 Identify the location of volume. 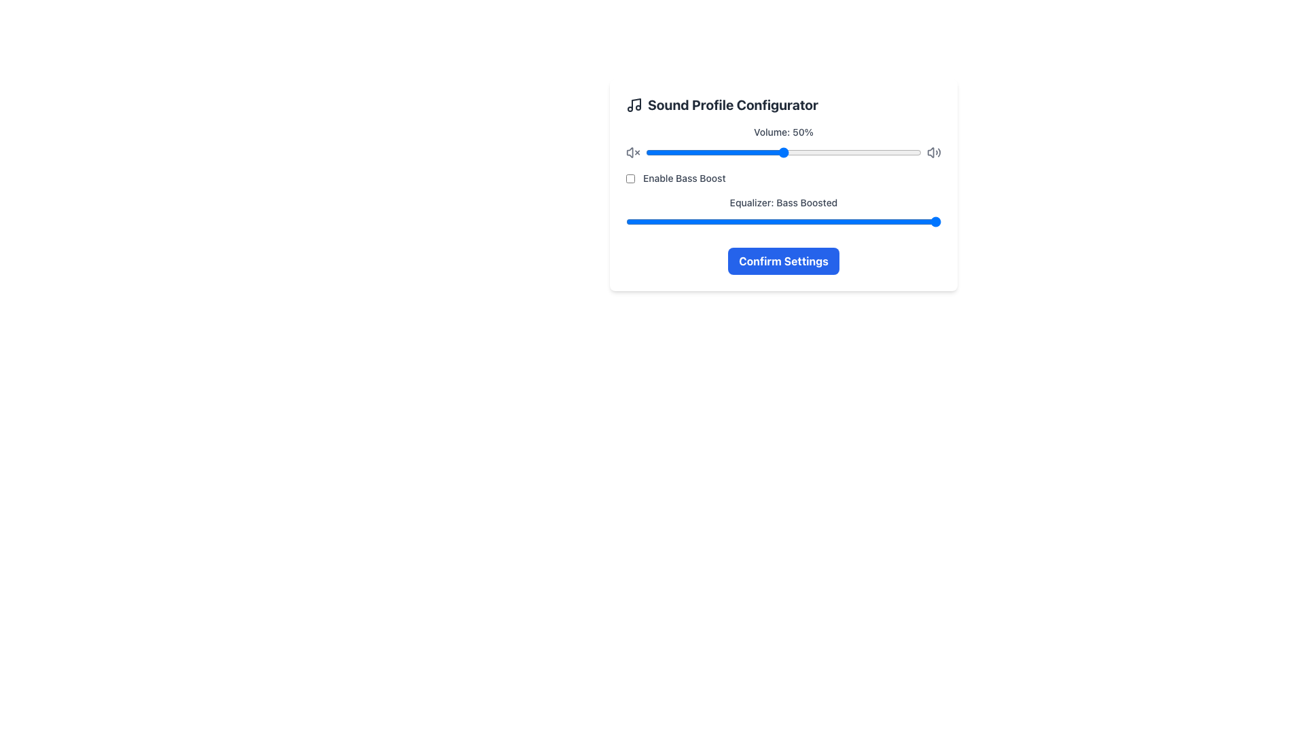
(678, 152).